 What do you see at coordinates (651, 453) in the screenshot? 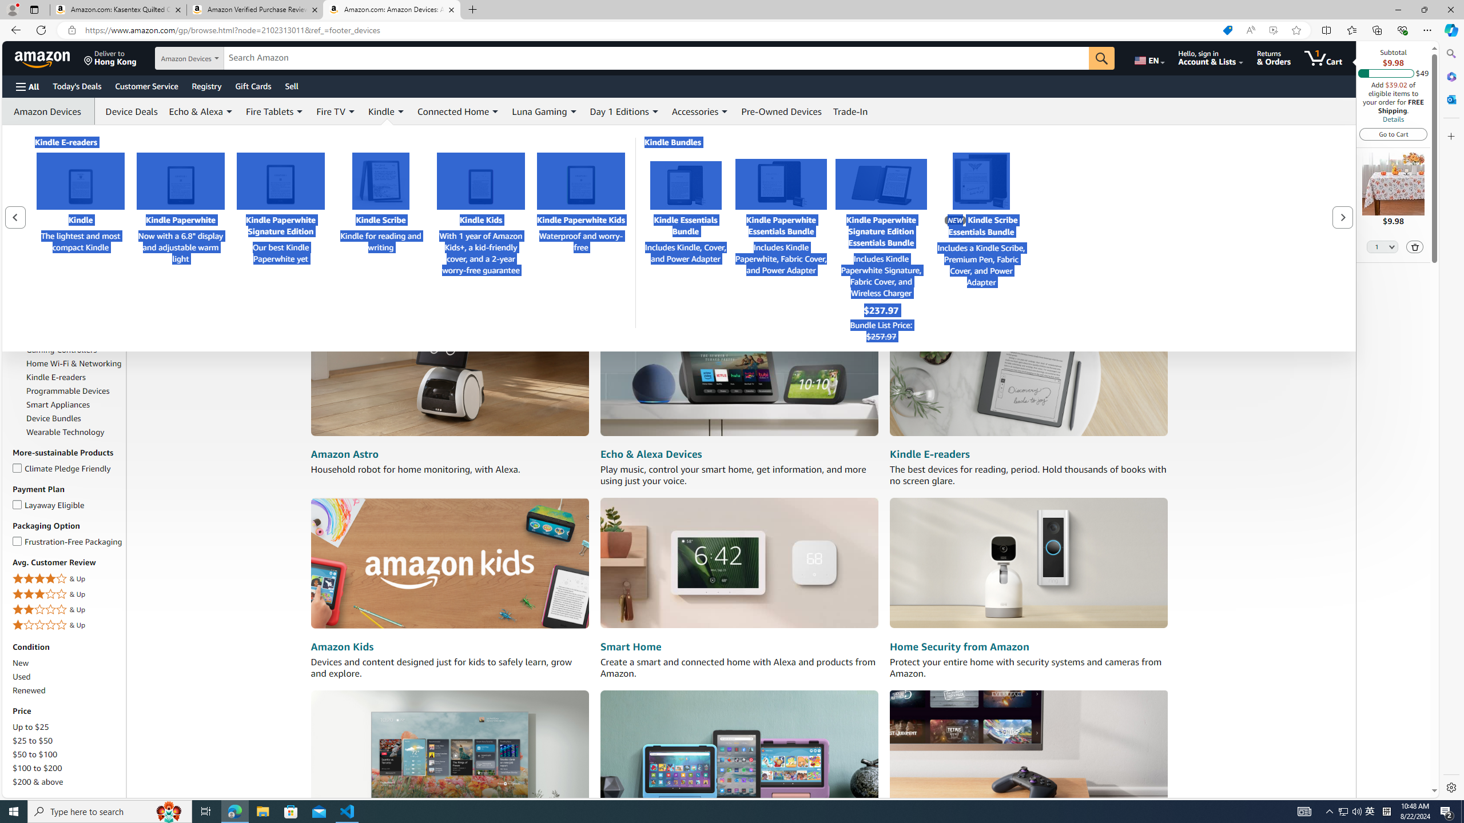
I see `'Echo & Alexa Devices'` at bounding box center [651, 453].